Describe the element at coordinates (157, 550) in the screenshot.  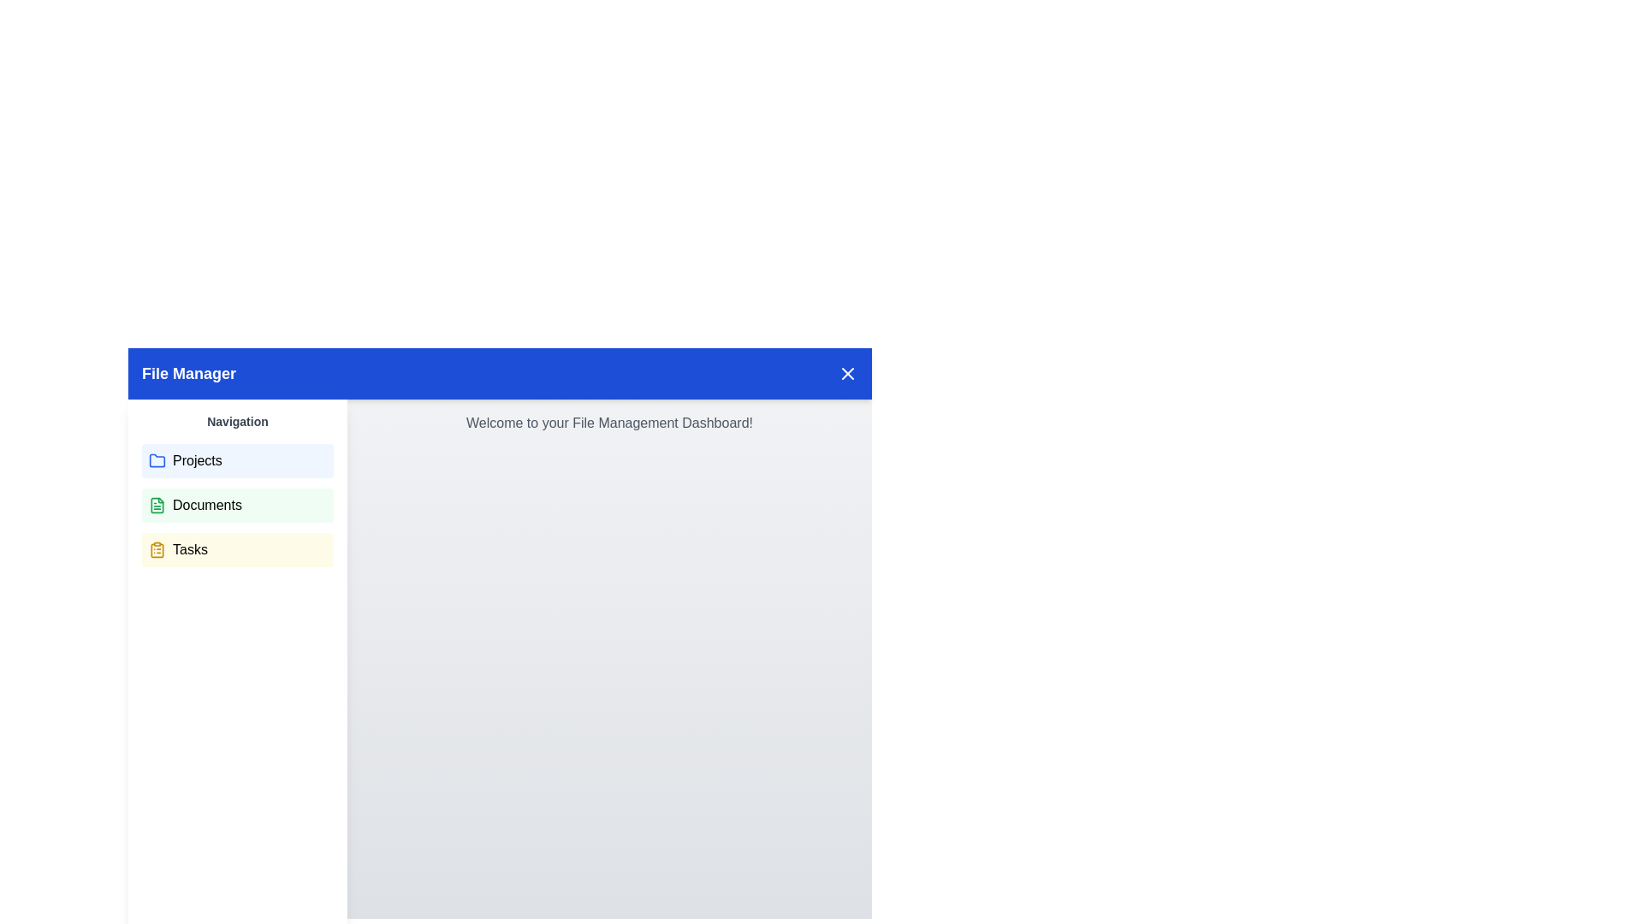
I see `the yellow clipboard icon with rounded edges located in the left navigation bar, adjacent to the 'Tasks' item` at that location.